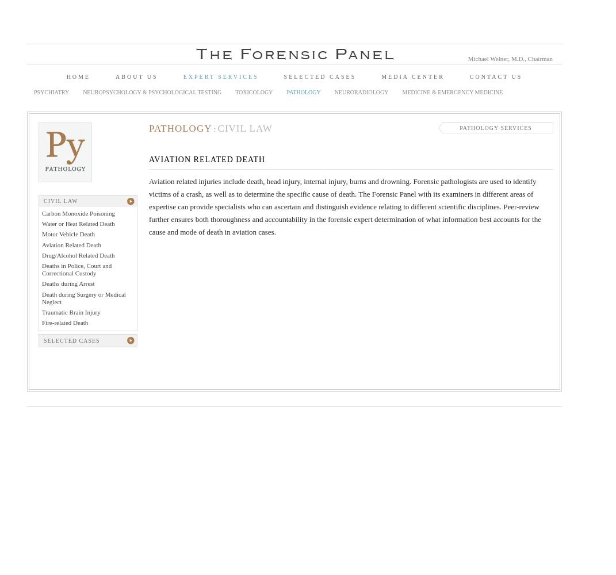 This screenshot has width=616, height=575. What do you see at coordinates (496, 76) in the screenshot?
I see `'Contact Us'` at bounding box center [496, 76].